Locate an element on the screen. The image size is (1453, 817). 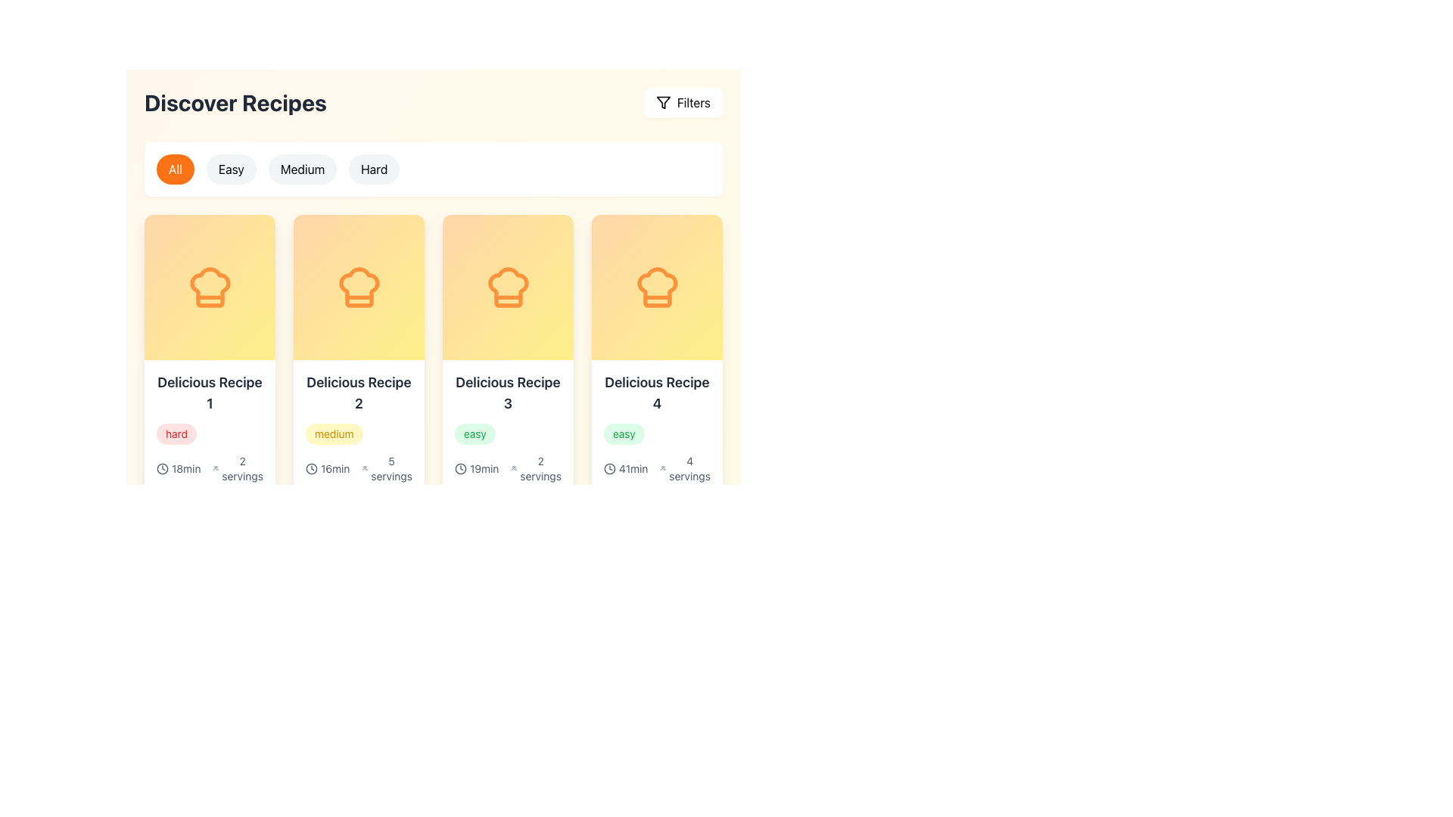
the time indicator element, which features a clock icon and the text '18 min', located at the bottom-left of the 'Delicious Recipe 1' card is located at coordinates (182, 468).